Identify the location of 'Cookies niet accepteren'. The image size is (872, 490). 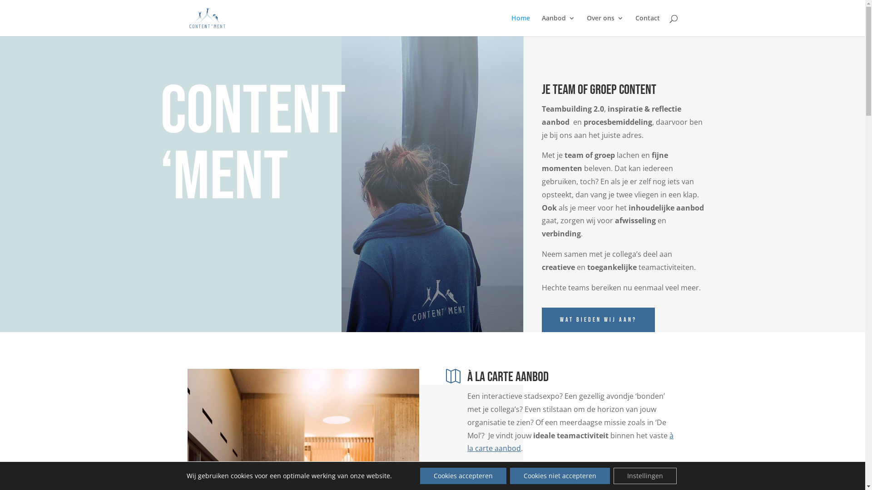
(560, 475).